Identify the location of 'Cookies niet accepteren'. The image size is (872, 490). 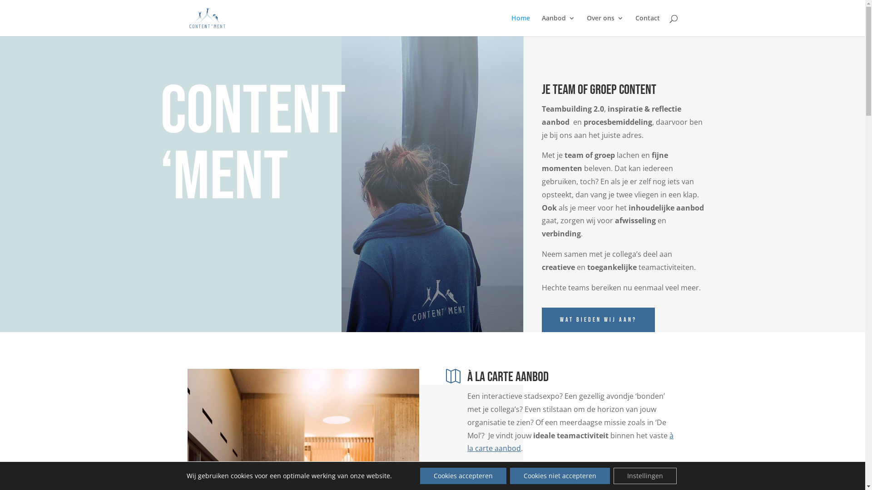
(560, 475).